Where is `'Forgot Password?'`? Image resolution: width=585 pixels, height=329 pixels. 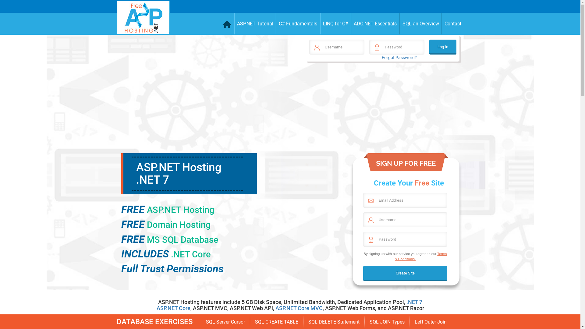 'Forgot Password?' is located at coordinates (399, 58).